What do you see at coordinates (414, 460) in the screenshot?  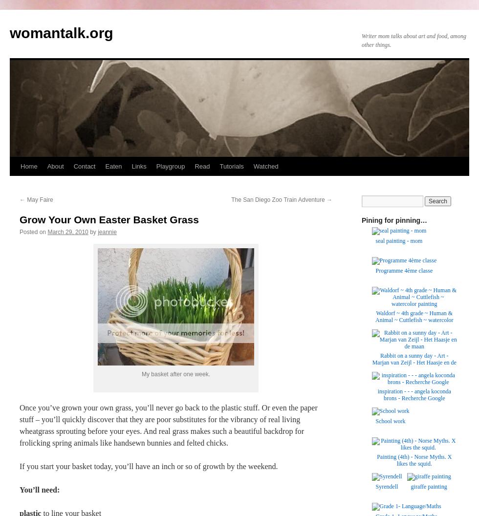 I see `'Painting (4th) - Norse Myths. X likes the squid.'` at bounding box center [414, 460].